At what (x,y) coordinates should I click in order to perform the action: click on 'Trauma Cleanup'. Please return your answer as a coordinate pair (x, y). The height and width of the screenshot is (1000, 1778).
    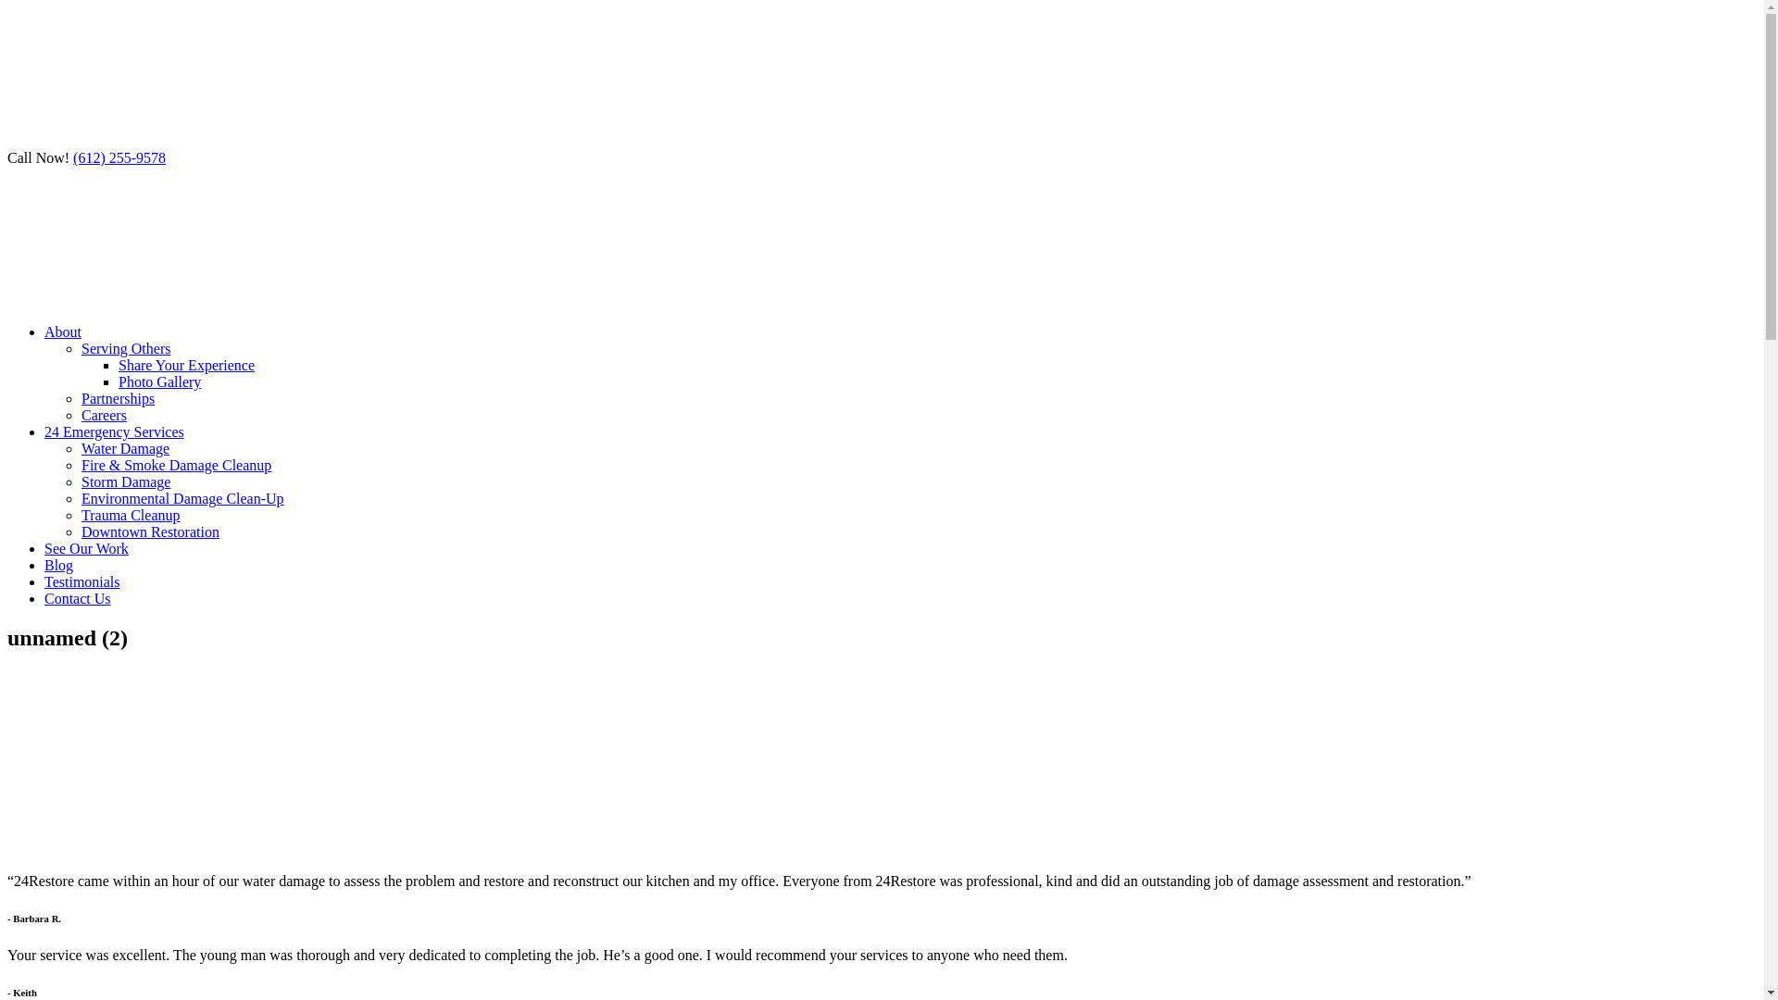
    Looking at the image, I should click on (130, 515).